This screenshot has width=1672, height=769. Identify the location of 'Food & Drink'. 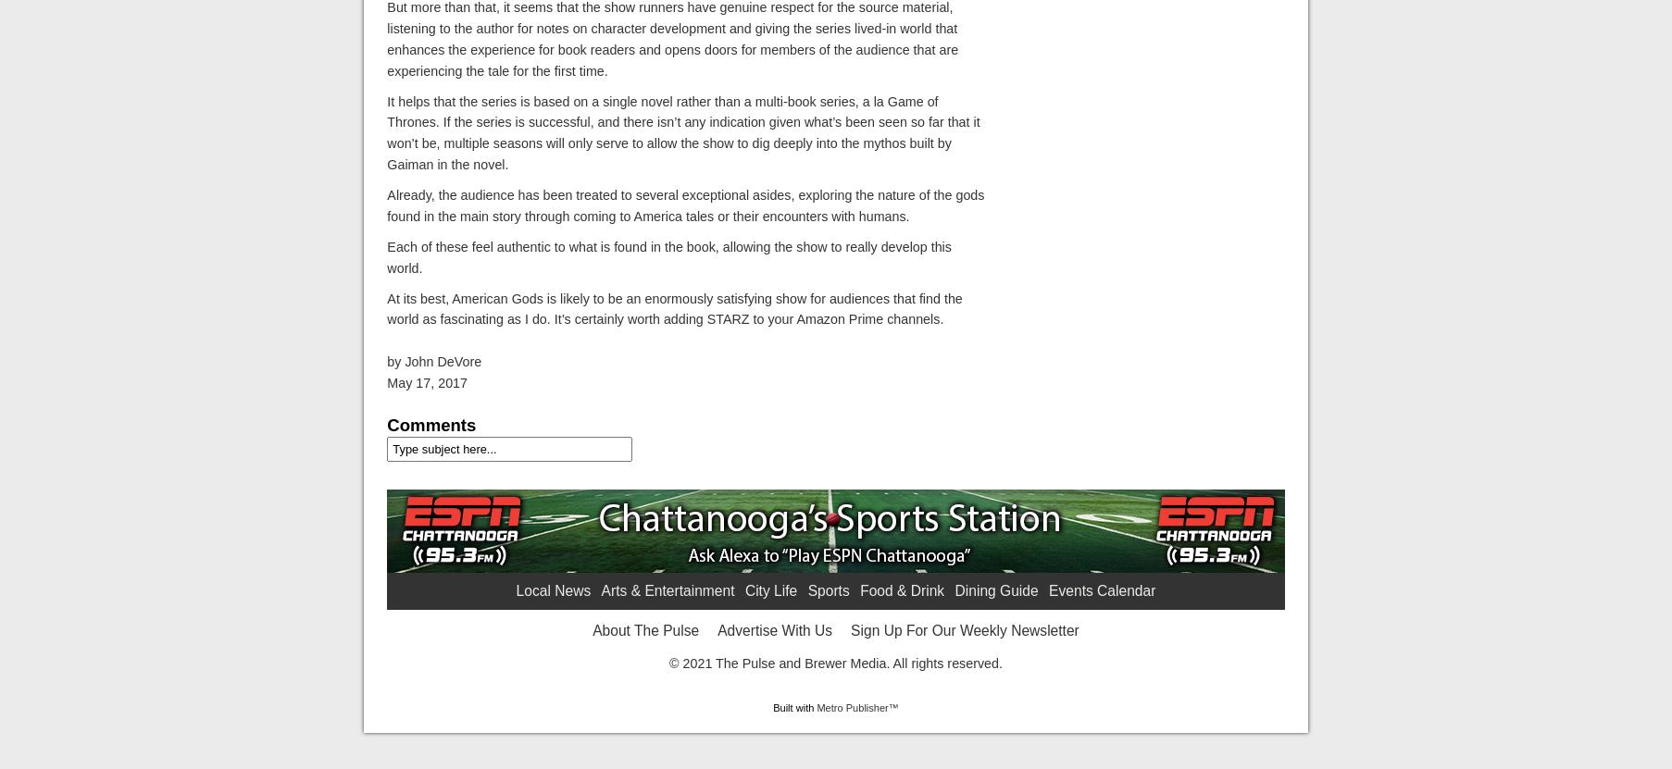
(902, 589).